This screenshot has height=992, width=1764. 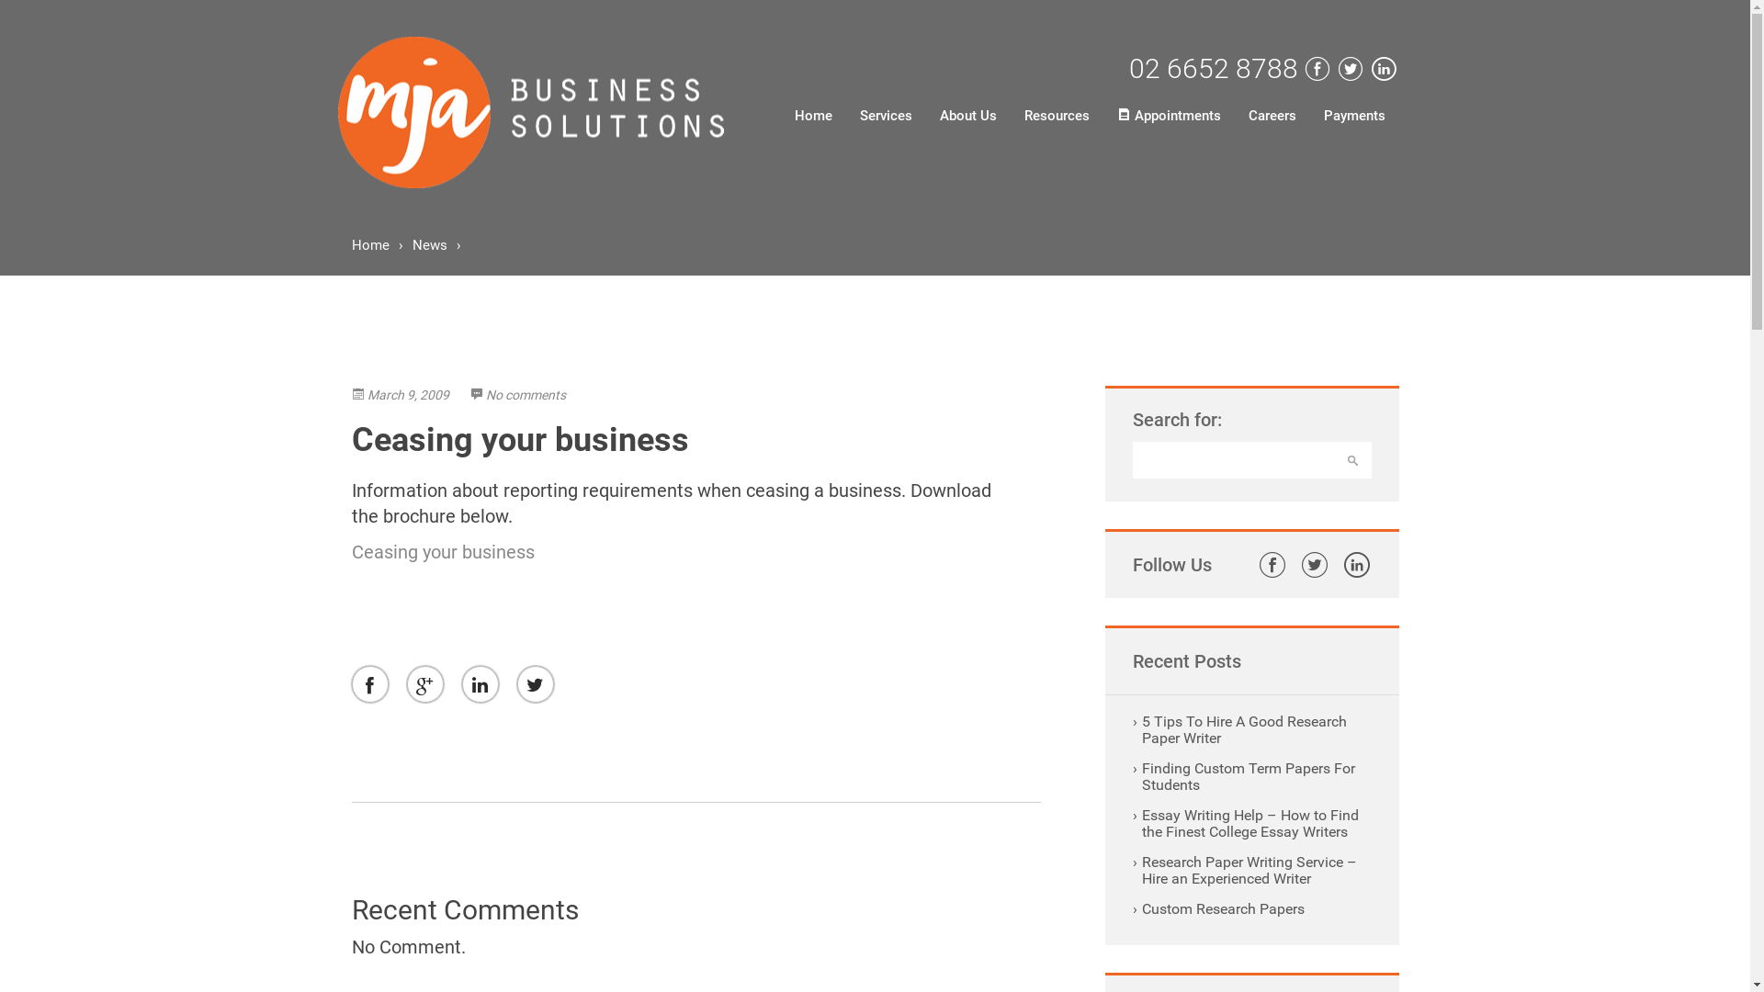 I want to click on 'Services', so click(x=885, y=116).